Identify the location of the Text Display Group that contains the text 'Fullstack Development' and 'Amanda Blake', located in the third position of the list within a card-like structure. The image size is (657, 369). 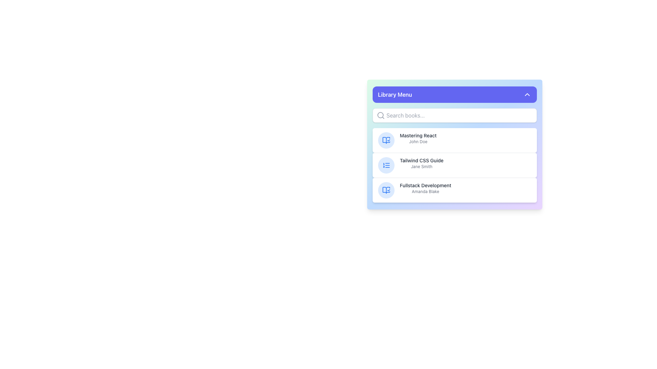
(425, 188).